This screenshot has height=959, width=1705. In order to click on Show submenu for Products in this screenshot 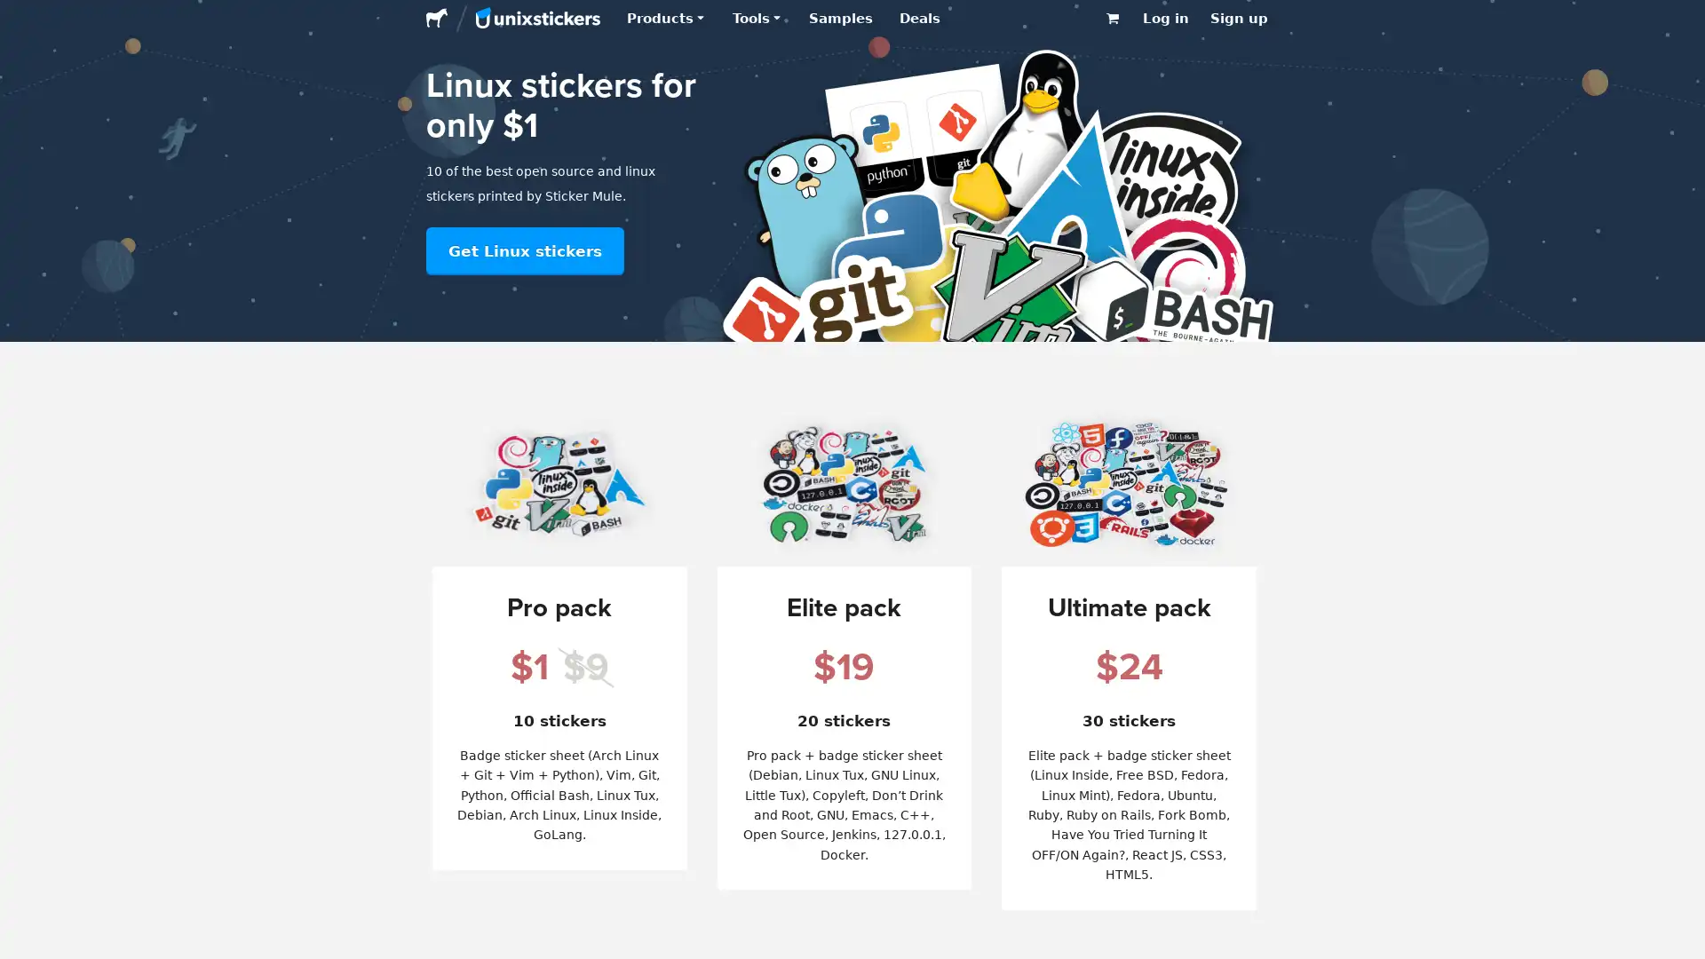, I will do `click(699, 18)`.